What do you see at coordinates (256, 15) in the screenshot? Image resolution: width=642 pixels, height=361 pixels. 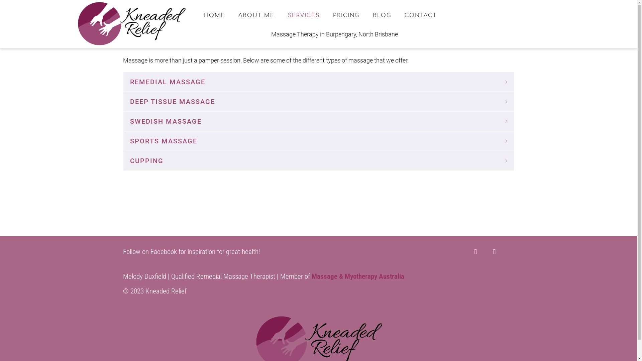 I see `'ABOUT ME'` at bounding box center [256, 15].